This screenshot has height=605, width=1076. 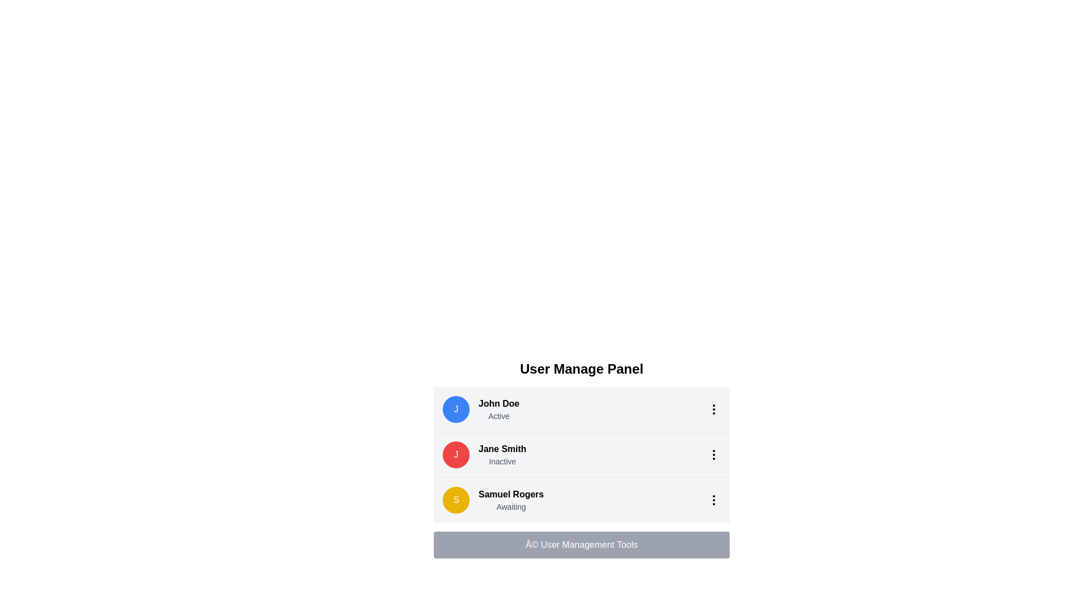 What do you see at coordinates (498, 409) in the screenshot?
I see `the text display element that shows the user's name and status information, located to the right of the blue circular icon with the letter 'J' in the first entry of the user profiles list` at bounding box center [498, 409].